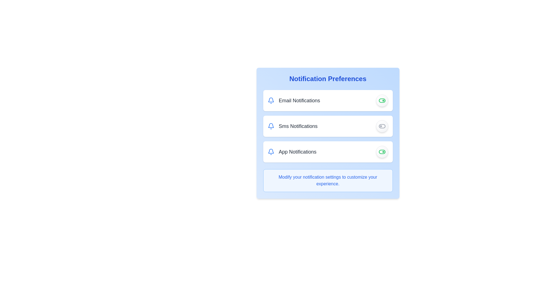 This screenshot has height=301, width=536. Describe the element at coordinates (328, 181) in the screenshot. I see `the informational text block with a light blue background and blue border that reads 'Modify your notification settings to customize your experience.'` at that location.